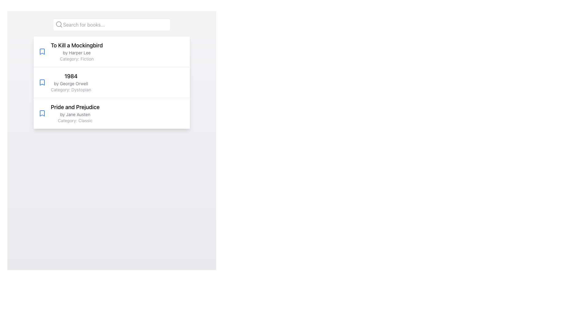 The width and height of the screenshot is (588, 330). Describe the element at coordinates (59, 24) in the screenshot. I see `the magnifying glass icon representing the search function located at the top-left corner of the input box within the search bar` at that location.